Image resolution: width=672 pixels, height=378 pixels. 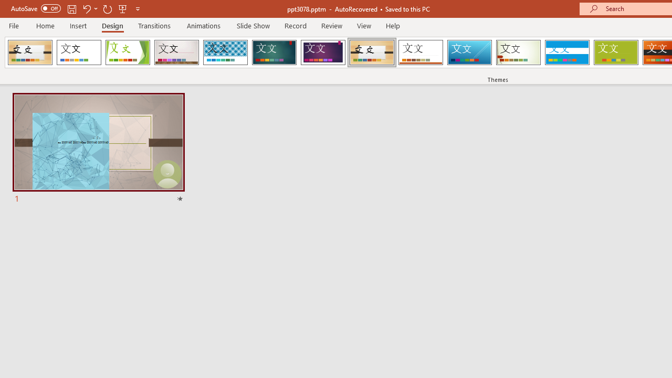 I want to click on 'Gallery', so click(x=176, y=52).